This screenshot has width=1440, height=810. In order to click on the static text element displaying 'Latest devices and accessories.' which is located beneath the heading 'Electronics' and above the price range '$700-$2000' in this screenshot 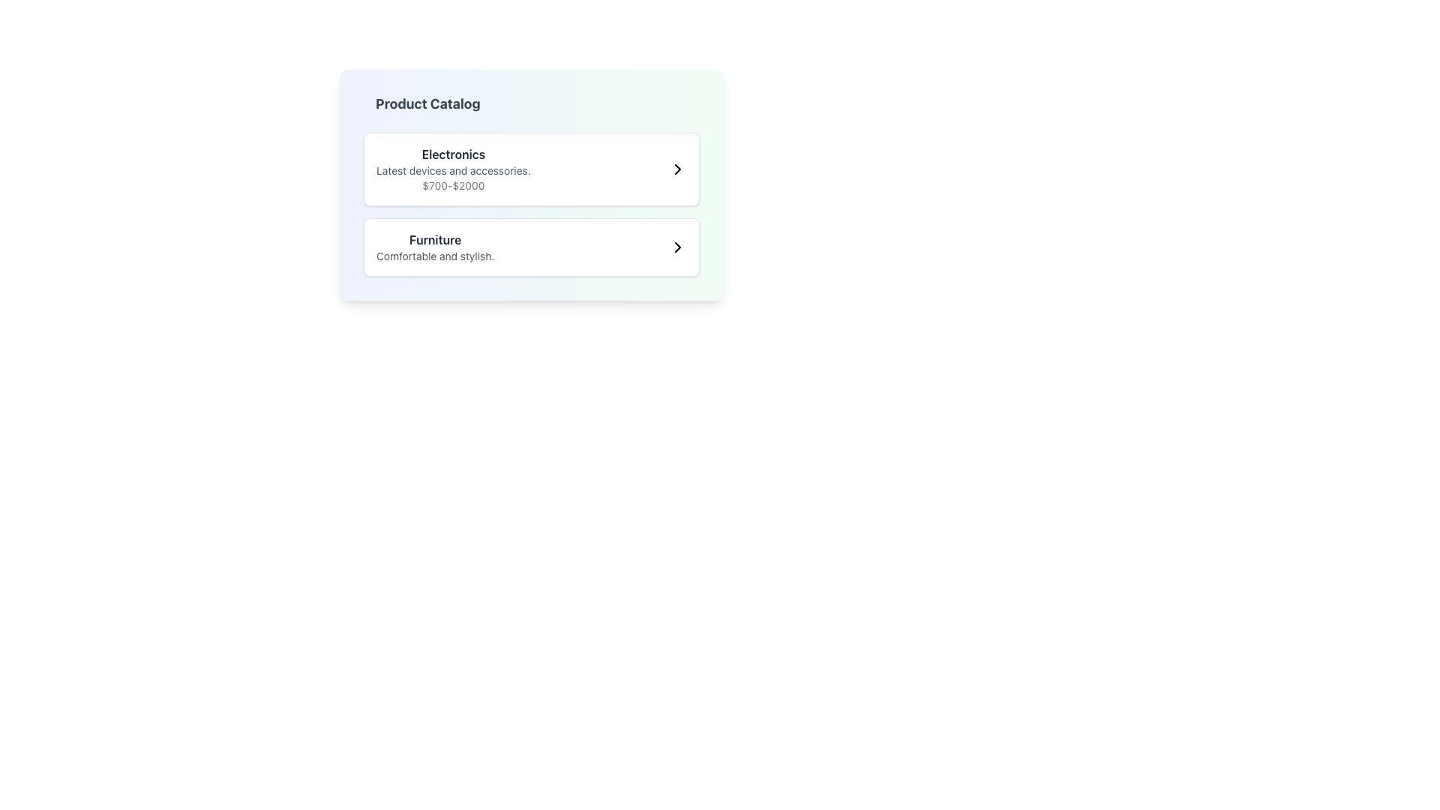, I will do `click(452, 169)`.